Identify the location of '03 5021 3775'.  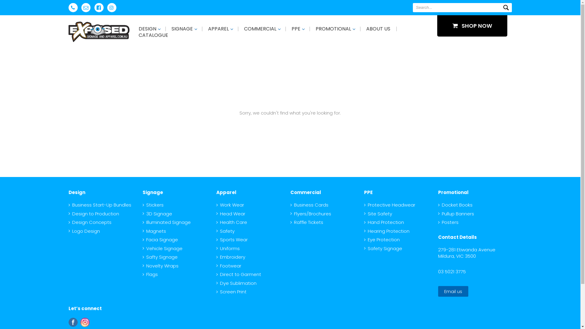
(452, 271).